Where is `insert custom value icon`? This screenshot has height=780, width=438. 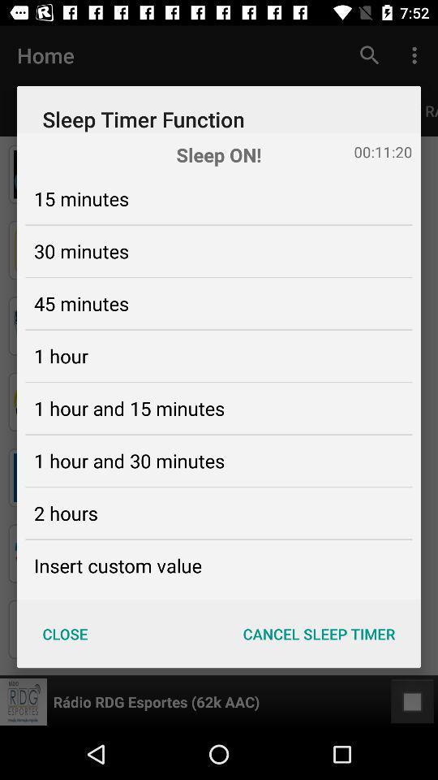 insert custom value icon is located at coordinates (117, 565).